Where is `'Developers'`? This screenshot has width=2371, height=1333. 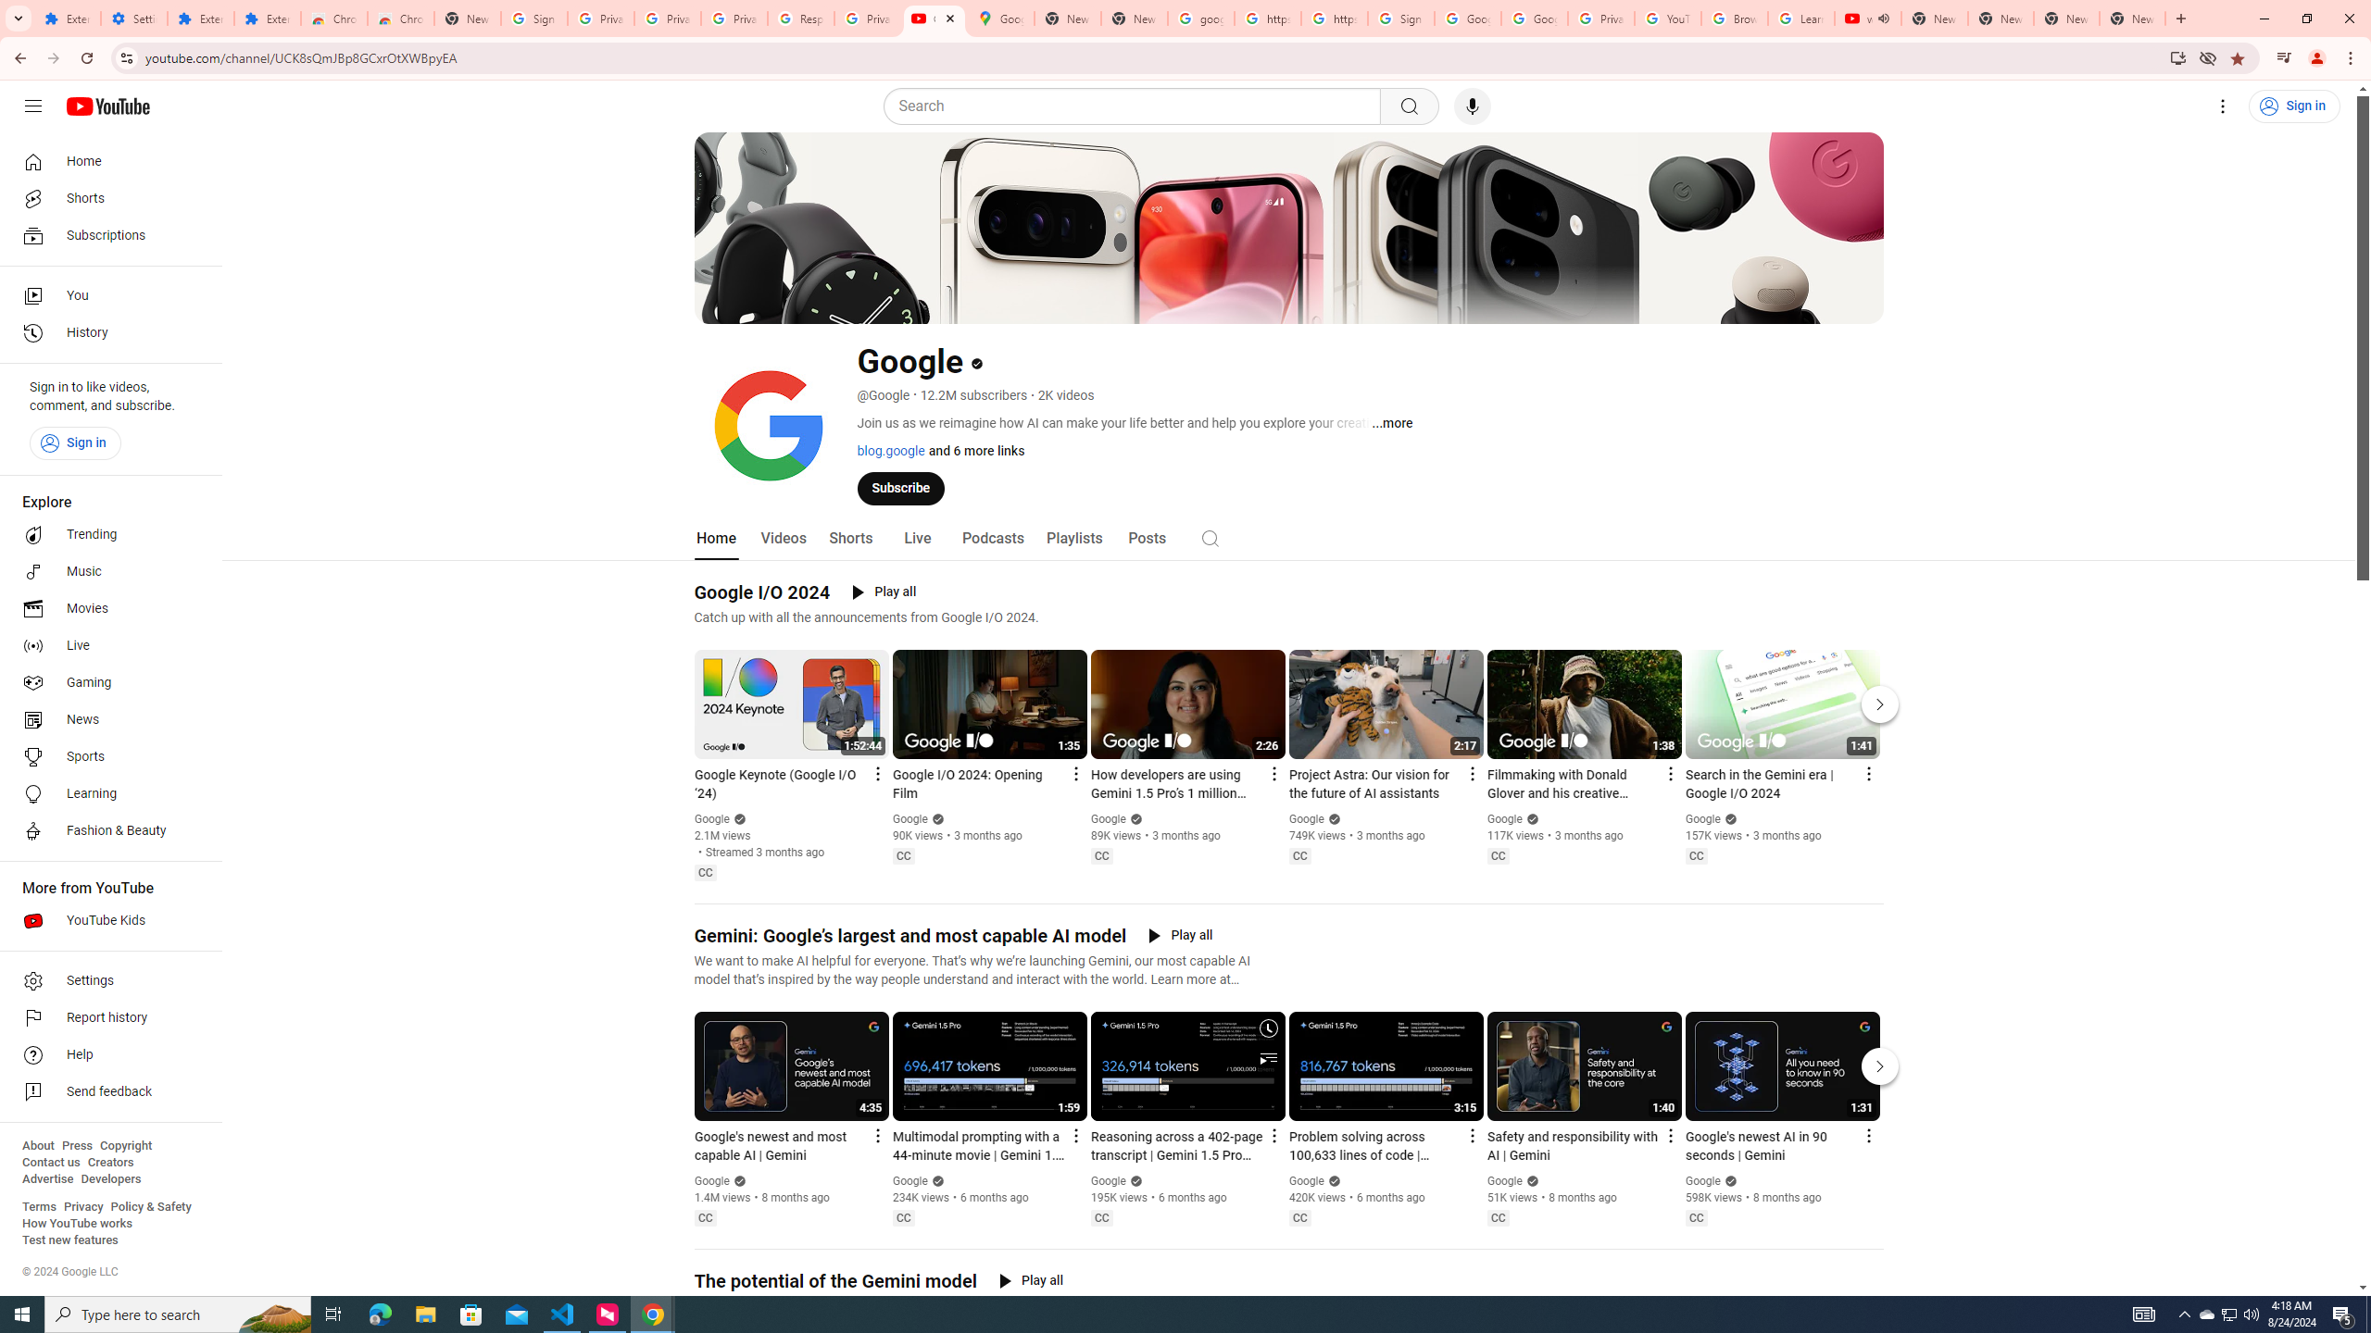 'Developers' is located at coordinates (110, 1177).